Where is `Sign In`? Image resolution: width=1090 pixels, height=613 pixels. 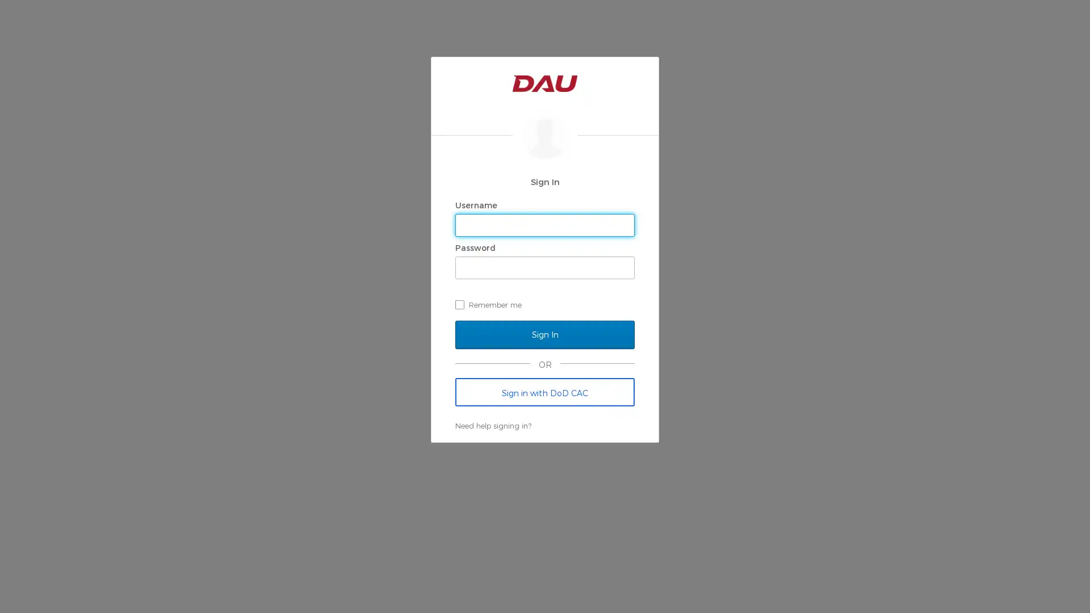 Sign In is located at coordinates (545, 334).